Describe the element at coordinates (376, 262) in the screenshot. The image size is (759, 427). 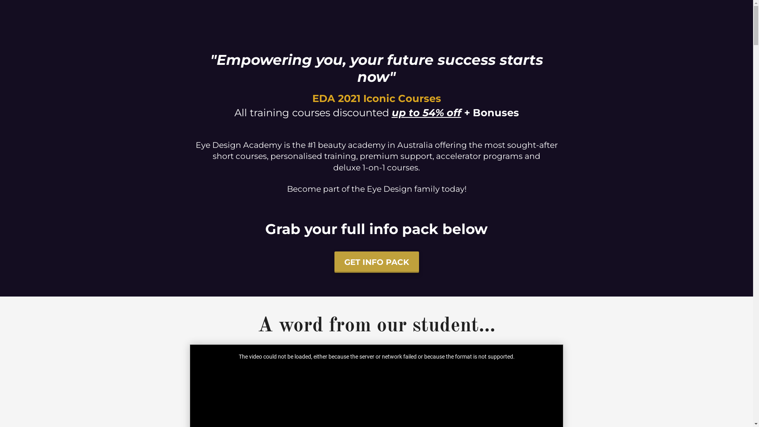
I see `'GET INFO PACK'` at that location.